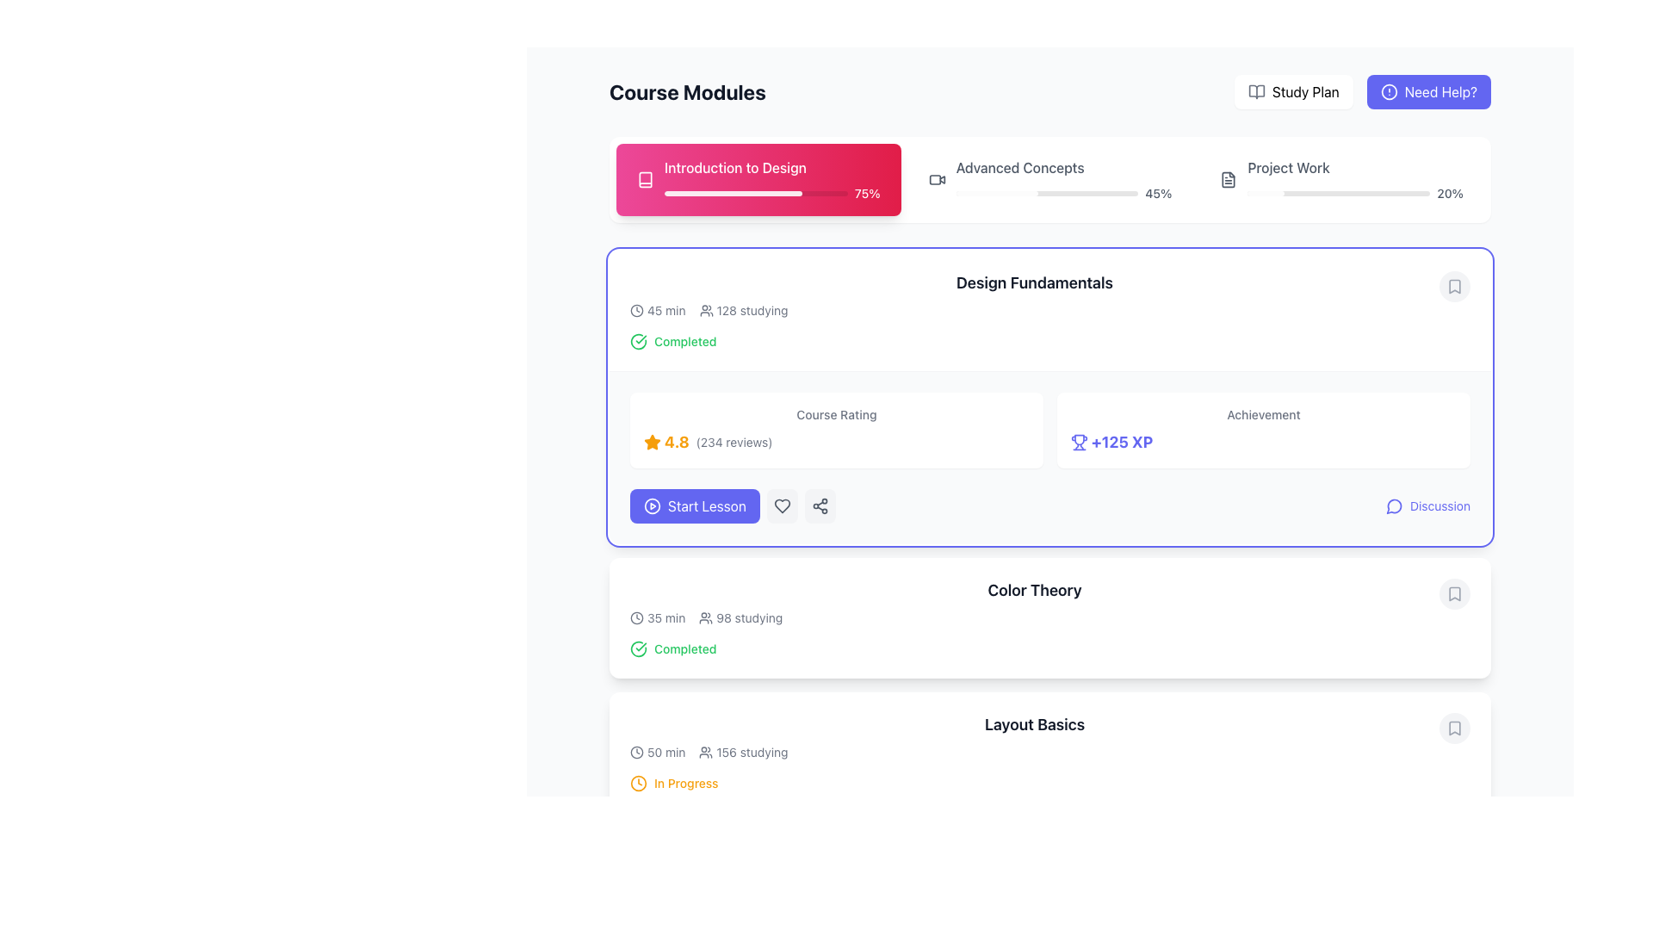  Describe the element at coordinates (638, 784) in the screenshot. I see `the clock icon at the start of the row displaying 'In Progress', located under the 'Course Modules' section` at that location.